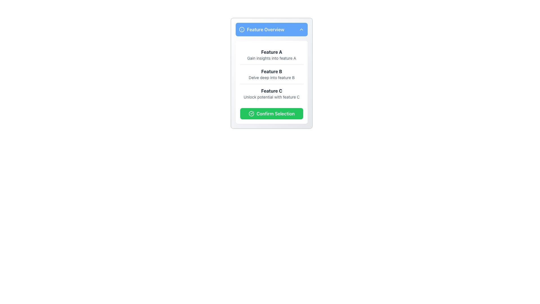  Describe the element at coordinates (251, 114) in the screenshot. I see `the confirmation icon located to the left of the text inside the 'Confirm Selection' button, which is the bottom-most interactive element in the interface` at that location.